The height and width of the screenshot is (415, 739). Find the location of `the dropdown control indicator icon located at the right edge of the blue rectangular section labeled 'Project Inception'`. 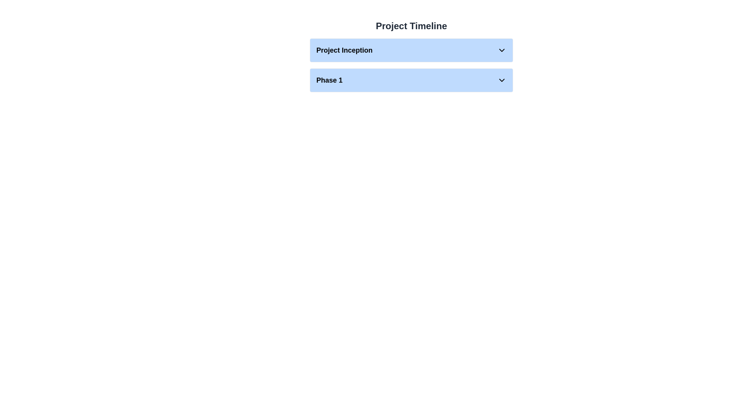

the dropdown control indicator icon located at the right edge of the blue rectangular section labeled 'Project Inception' is located at coordinates (502, 50).